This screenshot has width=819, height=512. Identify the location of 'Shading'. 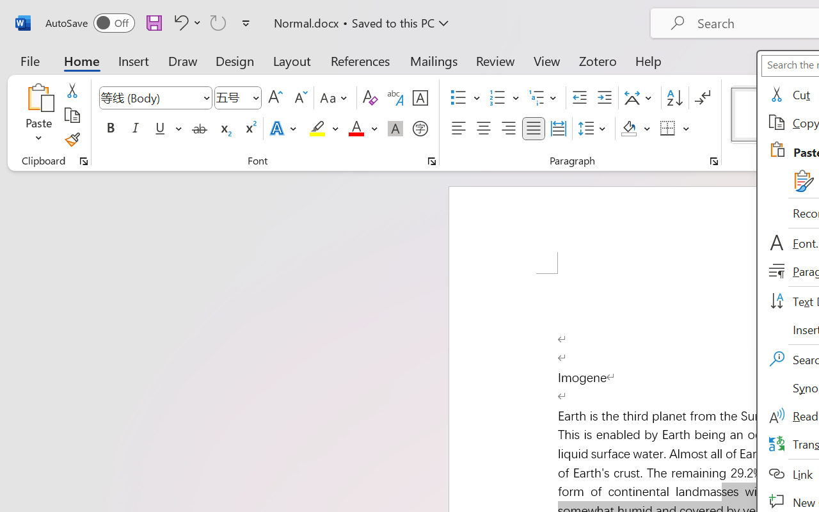
(635, 129).